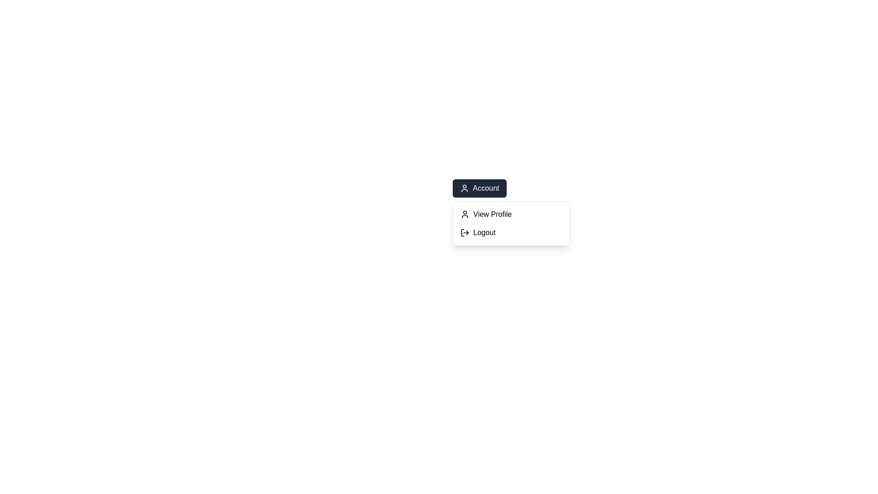 Image resolution: width=878 pixels, height=494 pixels. I want to click on the User Icon, which is a graphical representation of a user, located to the left of the text 'Account', so click(465, 188).